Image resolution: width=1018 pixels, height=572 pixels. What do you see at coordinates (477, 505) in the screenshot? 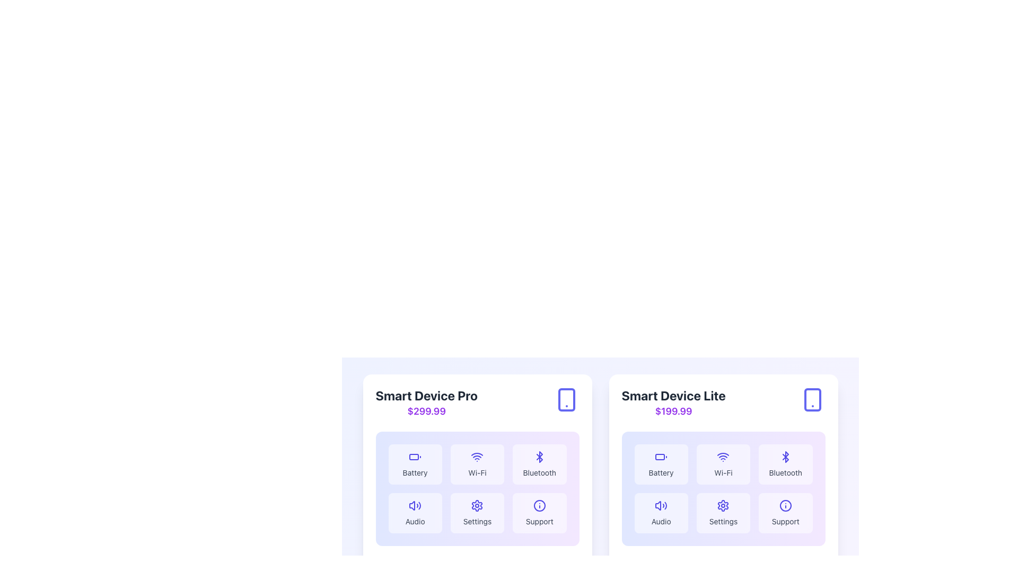
I see `the indigo gear icon representing settings, located at the bottom center of the 'Smart Device Pro' card, beneath the 'Settings' label` at bounding box center [477, 505].